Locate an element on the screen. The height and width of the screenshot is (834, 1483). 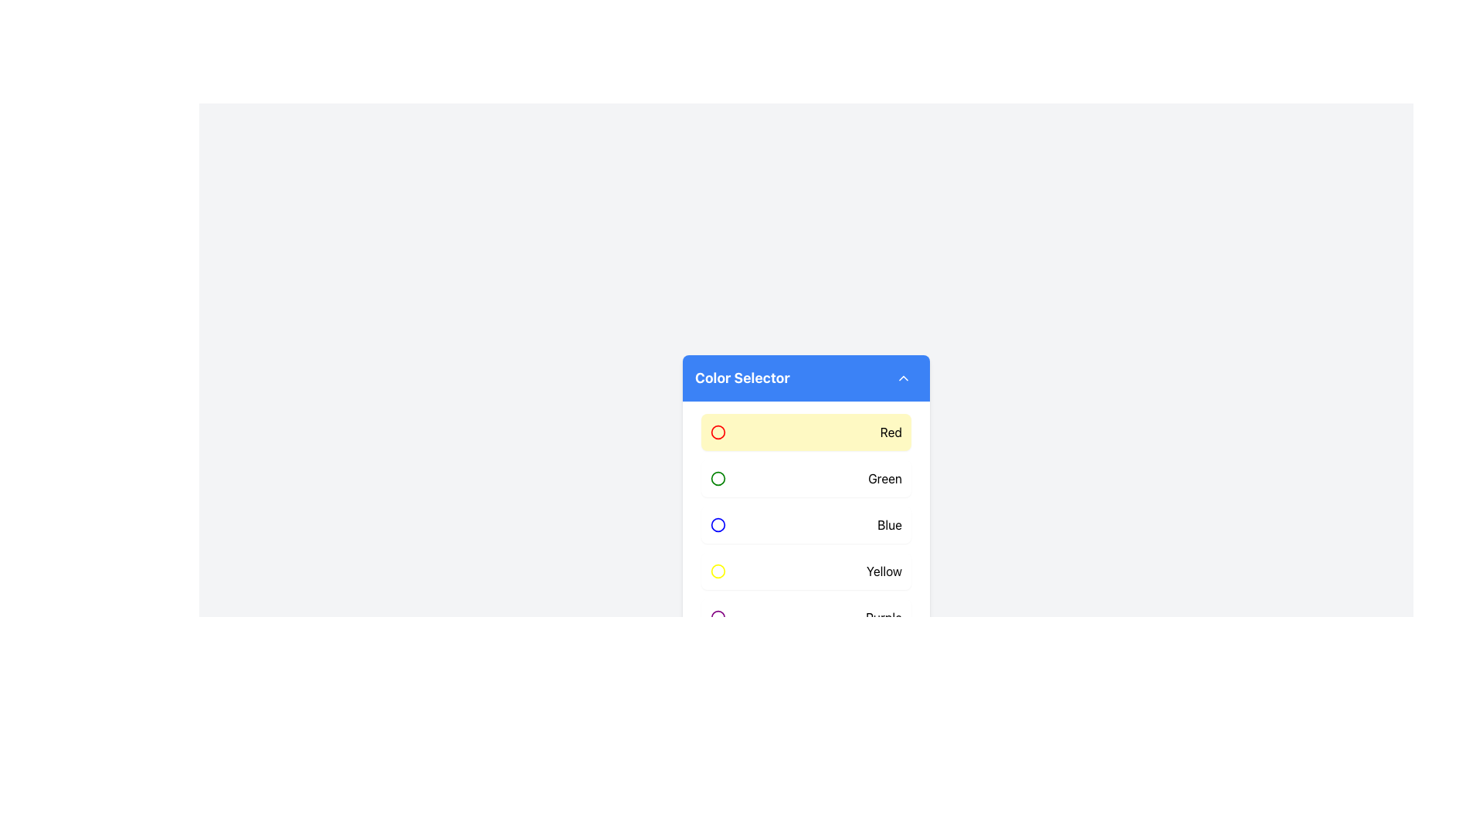
the toggle button located at the top-right corner of the blue header bar in the 'Color Selector' section is located at coordinates (904, 378).